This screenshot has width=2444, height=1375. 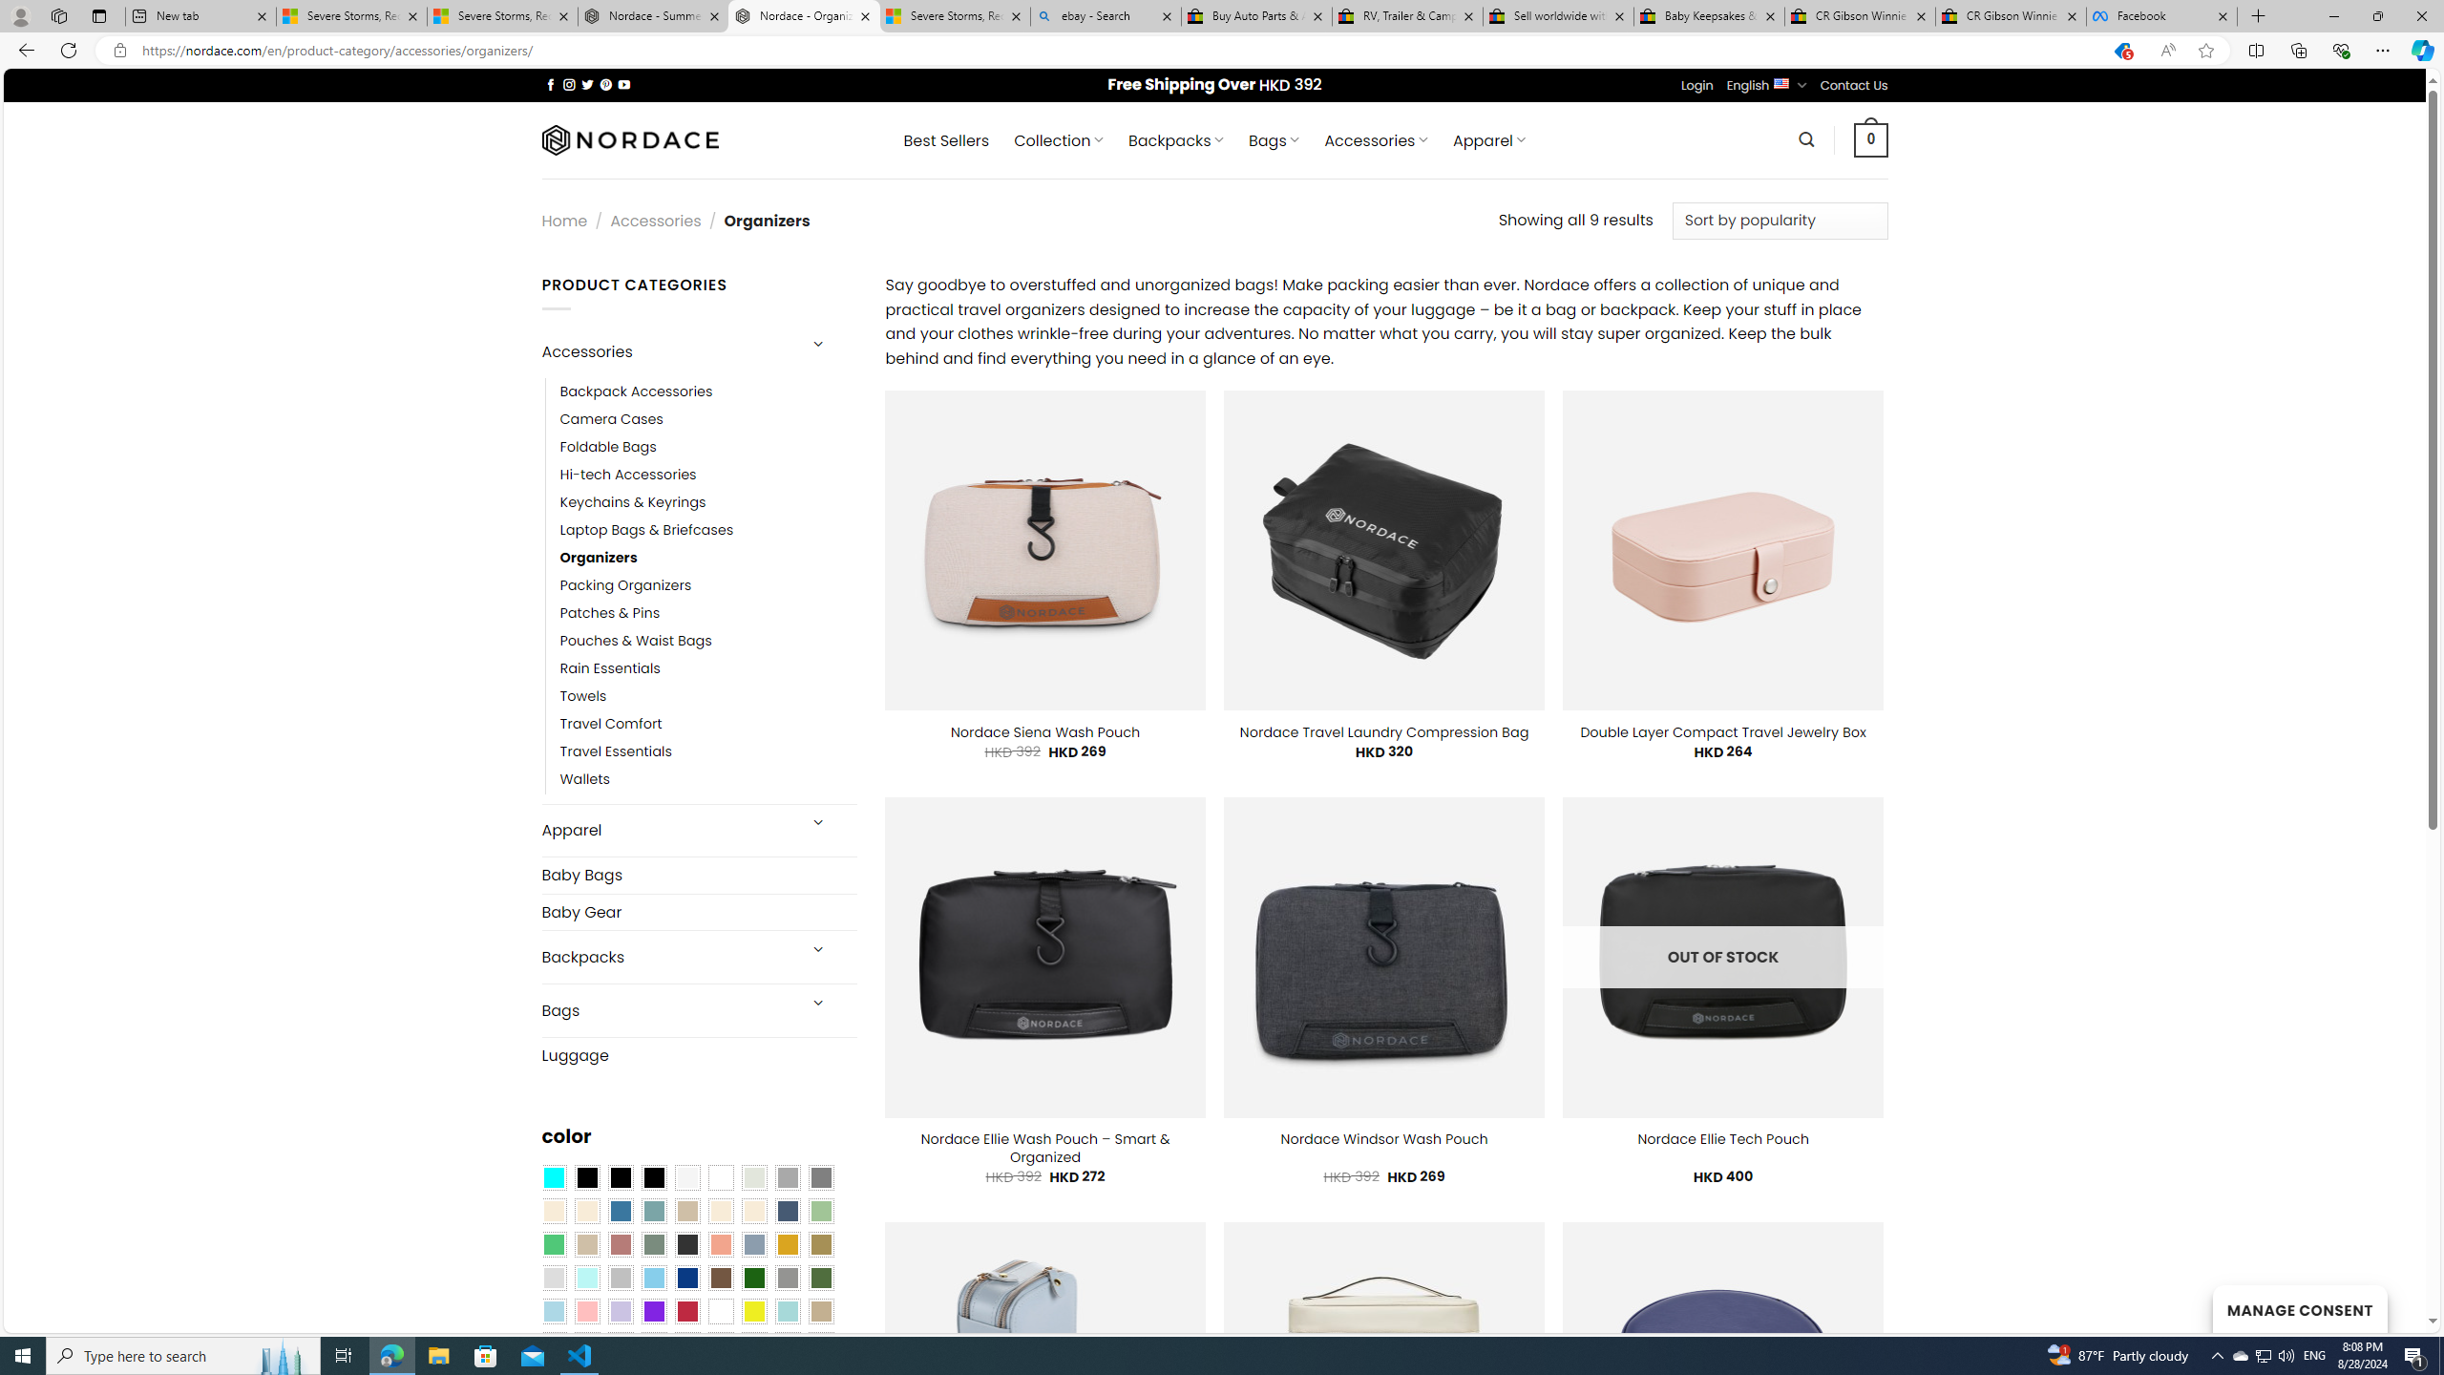 What do you see at coordinates (1806, 138) in the screenshot?
I see `'Search'` at bounding box center [1806, 138].